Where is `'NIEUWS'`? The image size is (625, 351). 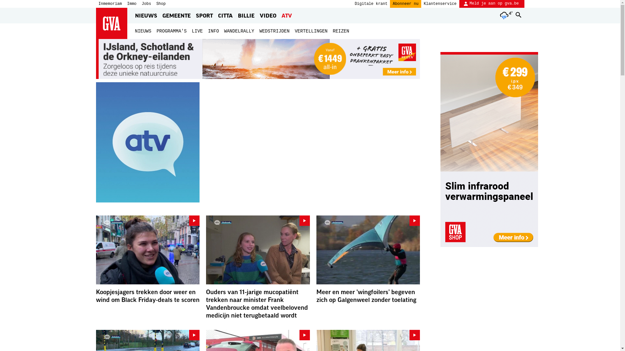
'NIEUWS' is located at coordinates (145, 15).